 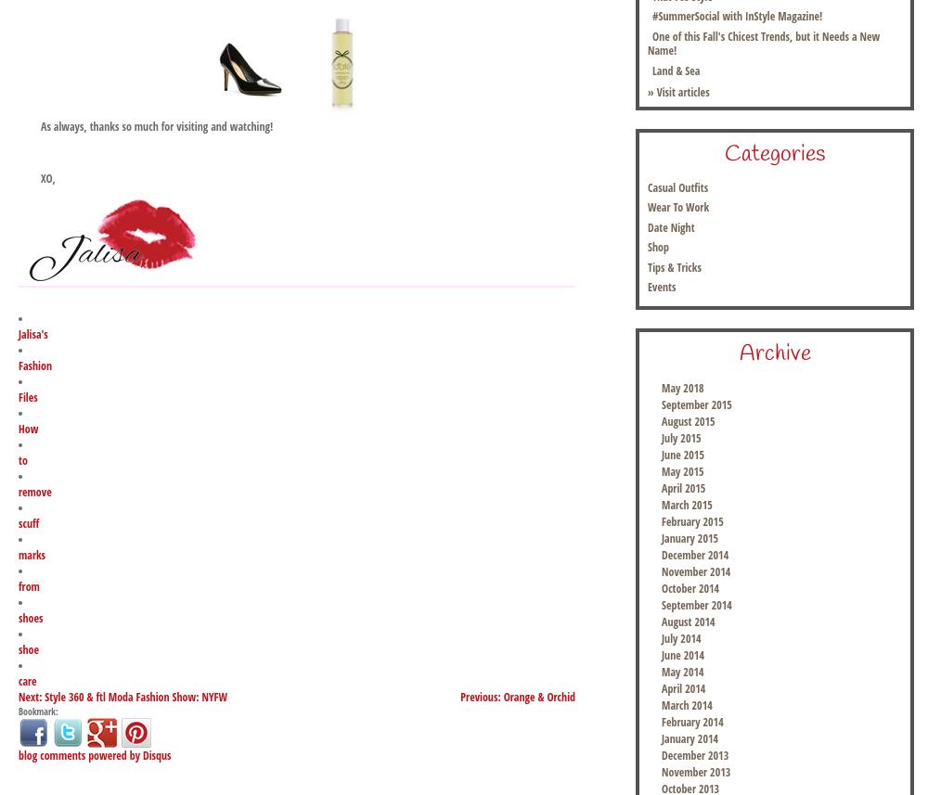 What do you see at coordinates (774, 154) in the screenshot?
I see `'Categories'` at bounding box center [774, 154].